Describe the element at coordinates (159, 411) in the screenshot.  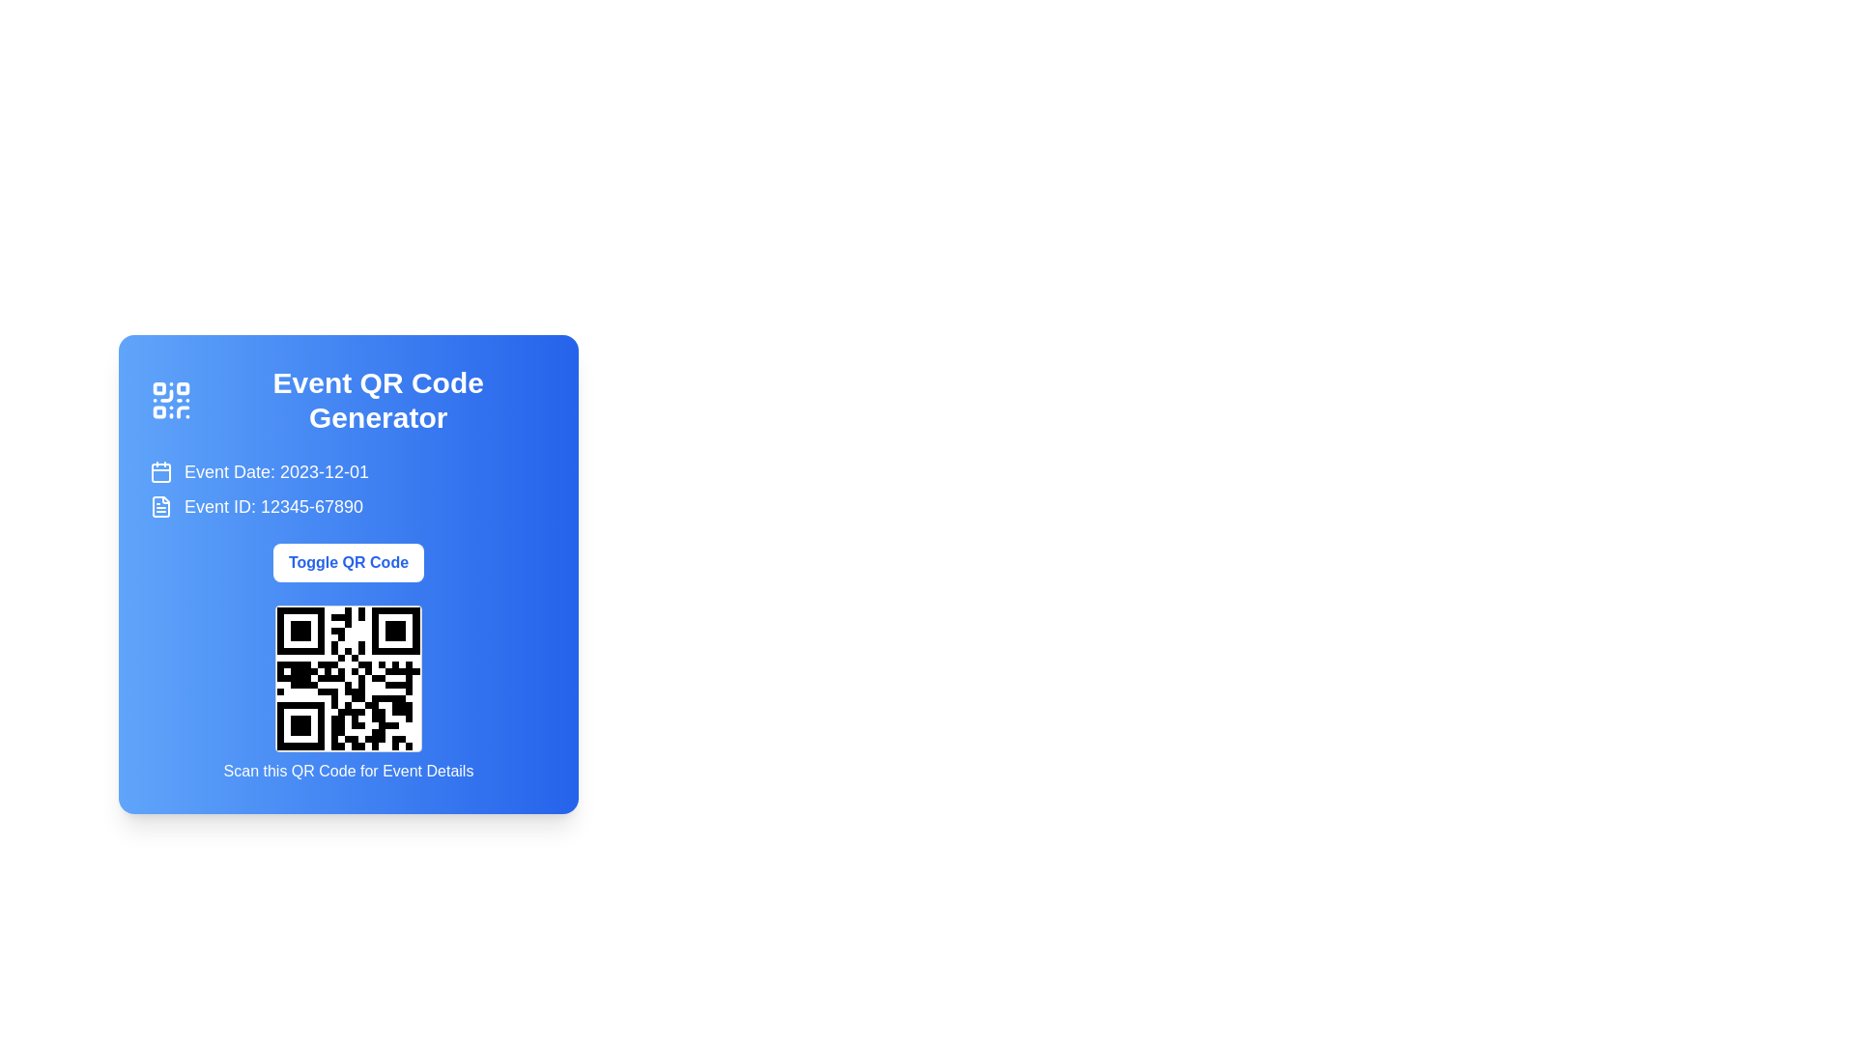
I see `the third square in the grid-like decorative QR-code icon, located at the bottom-left corner` at that location.